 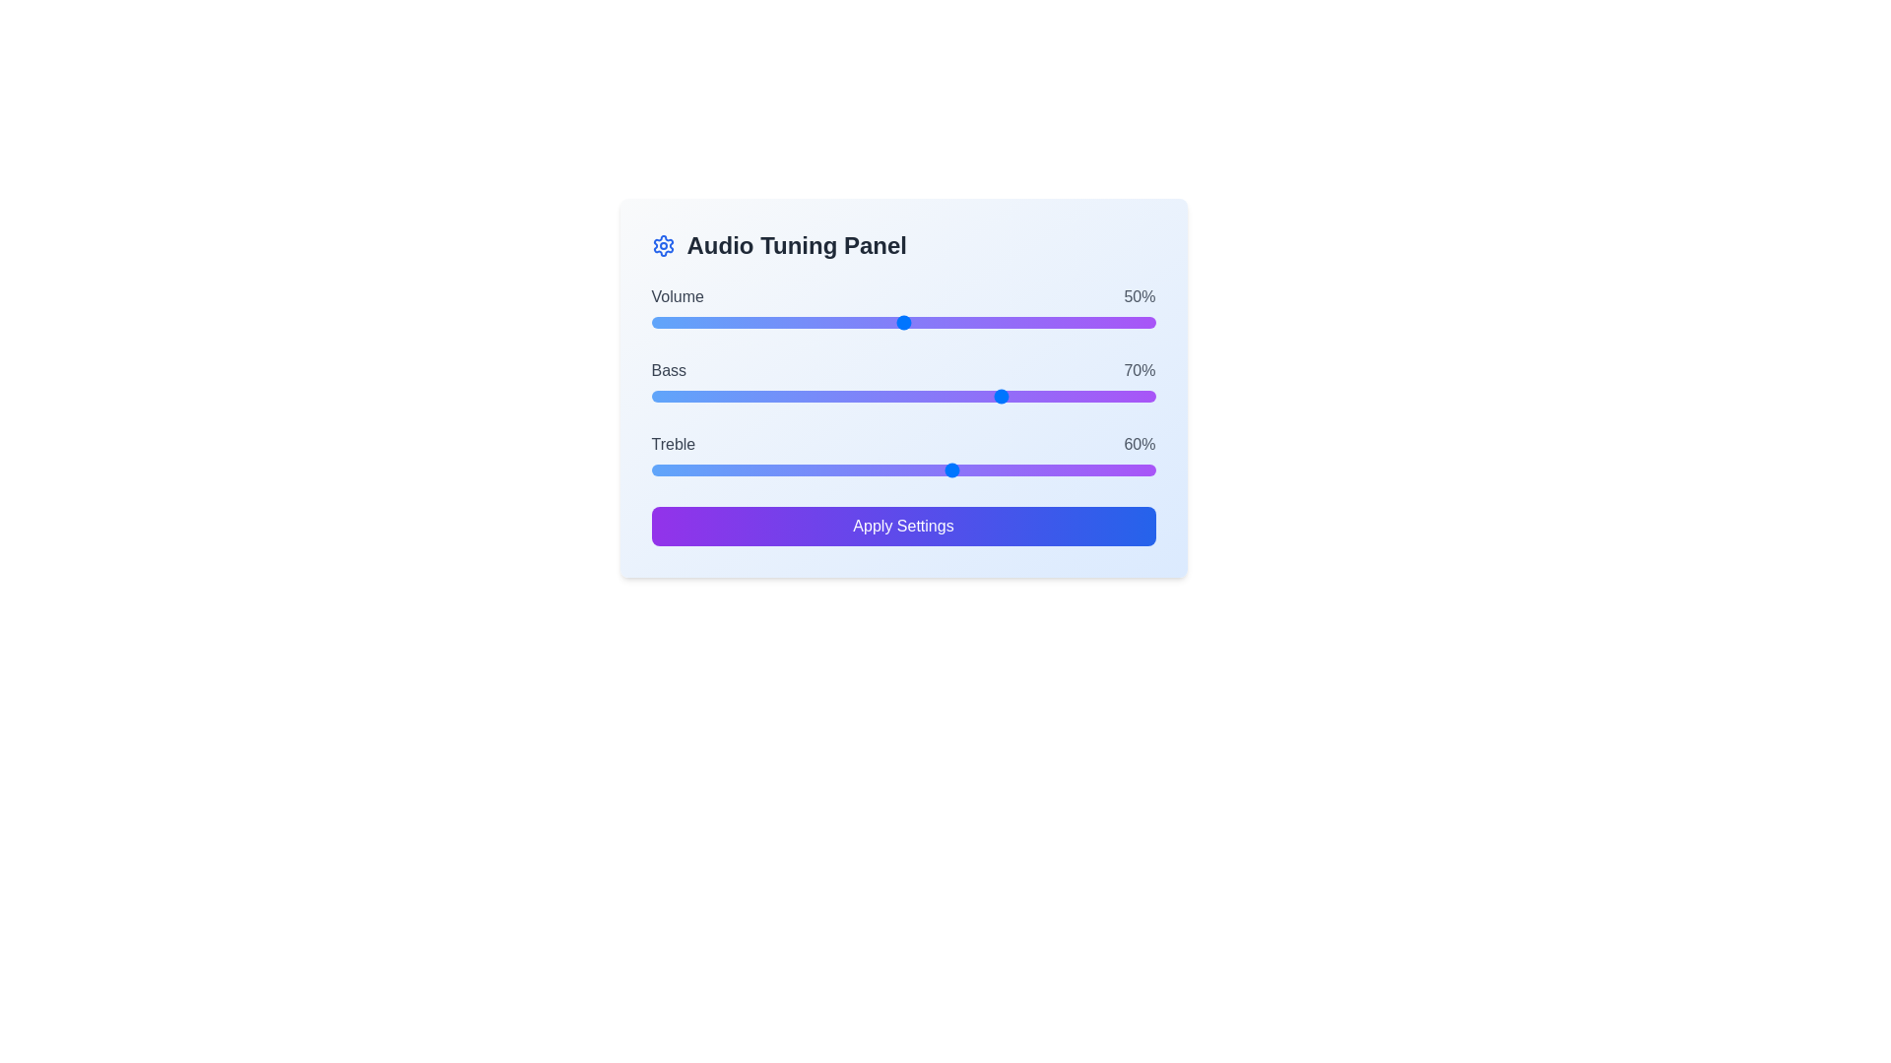 What do you see at coordinates (663, 245) in the screenshot?
I see `the settings icon located on the leftmost side of the 'Audio Tuning Panel' header, adjacent to the text 'Audio Tuning Panel'` at bounding box center [663, 245].